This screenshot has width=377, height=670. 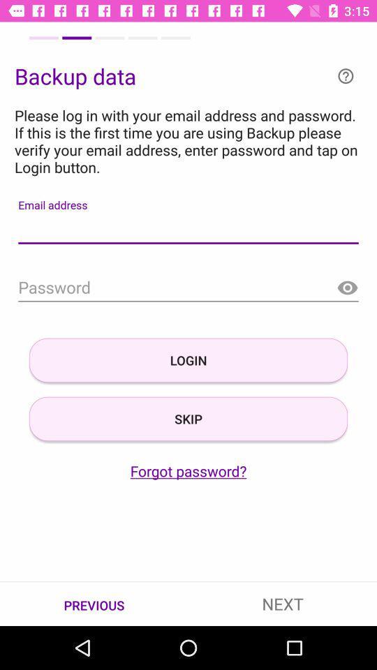 What do you see at coordinates (345, 76) in the screenshot?
I see `the help icon` at bounding box center [345, 76].